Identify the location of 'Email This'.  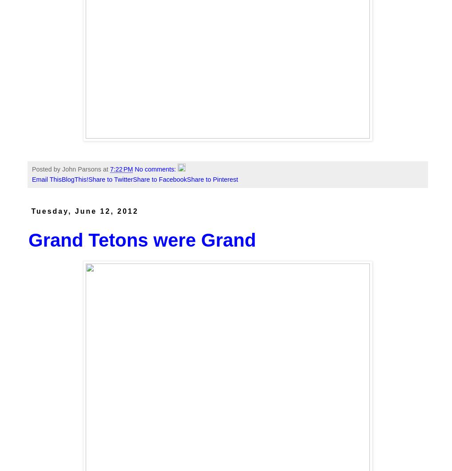
(46, 179).